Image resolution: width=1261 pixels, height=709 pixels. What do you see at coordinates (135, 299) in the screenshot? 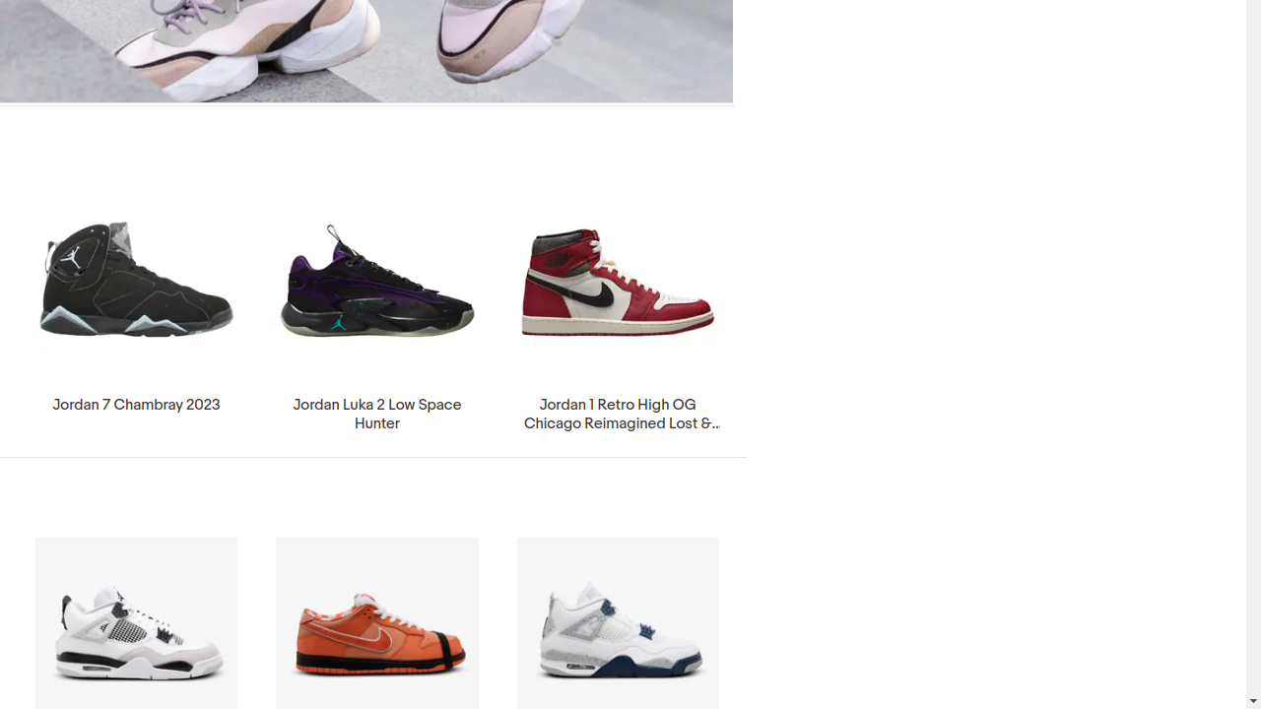
I see `'Jordan 7 Chambray 2023'` at bounding box center [135, 299].